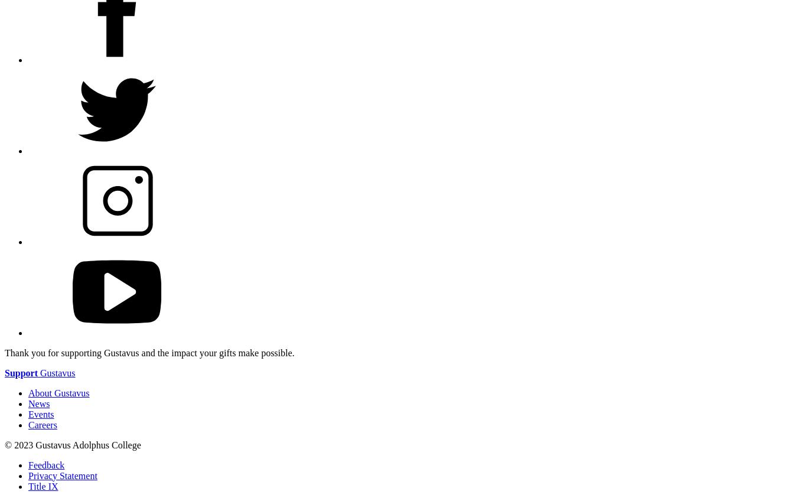 Image resolution: width=807 pixels, height=501 pixels. What do you see at coordinates (42, 424) in the screenshot?
I see `'Careers'` at bounding box center [42, 424].